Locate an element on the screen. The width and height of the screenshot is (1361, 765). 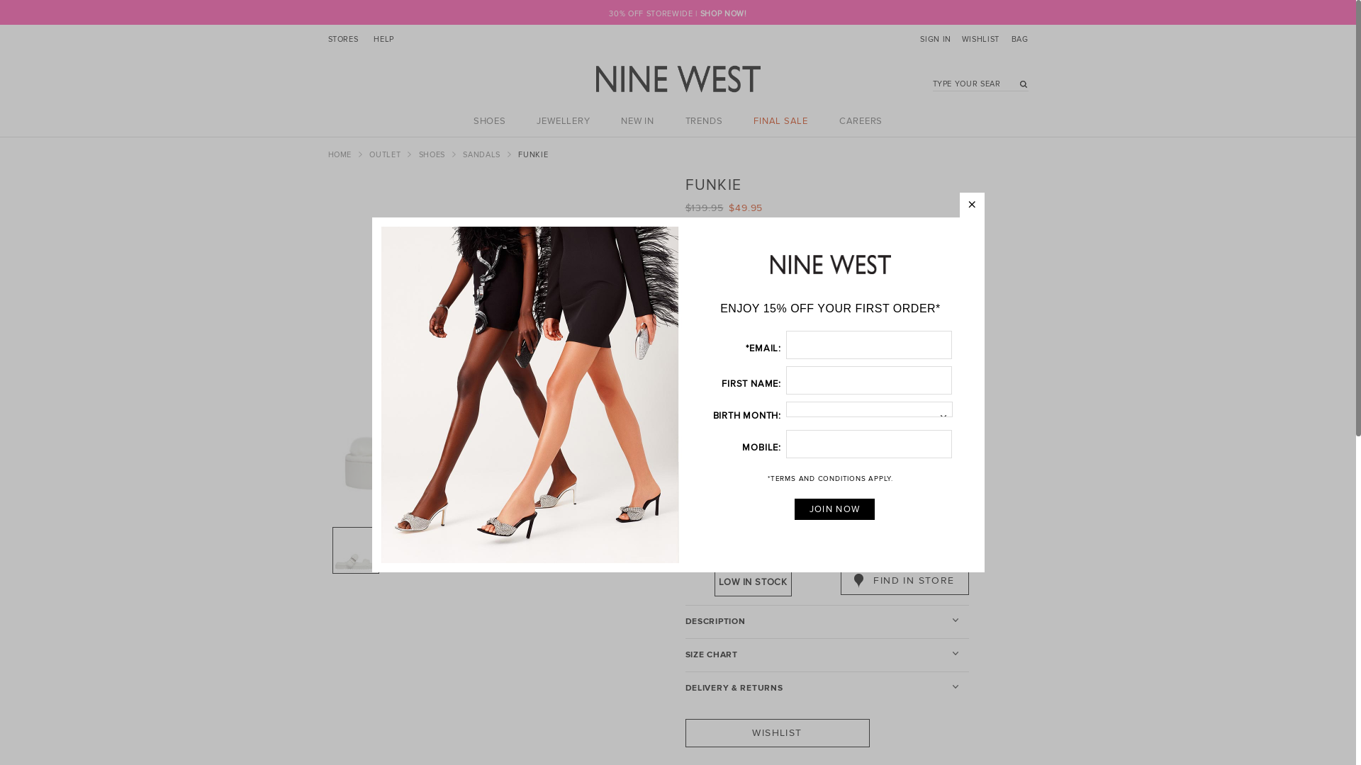
'Nine West Australia' is located at coordinates (595, 79).